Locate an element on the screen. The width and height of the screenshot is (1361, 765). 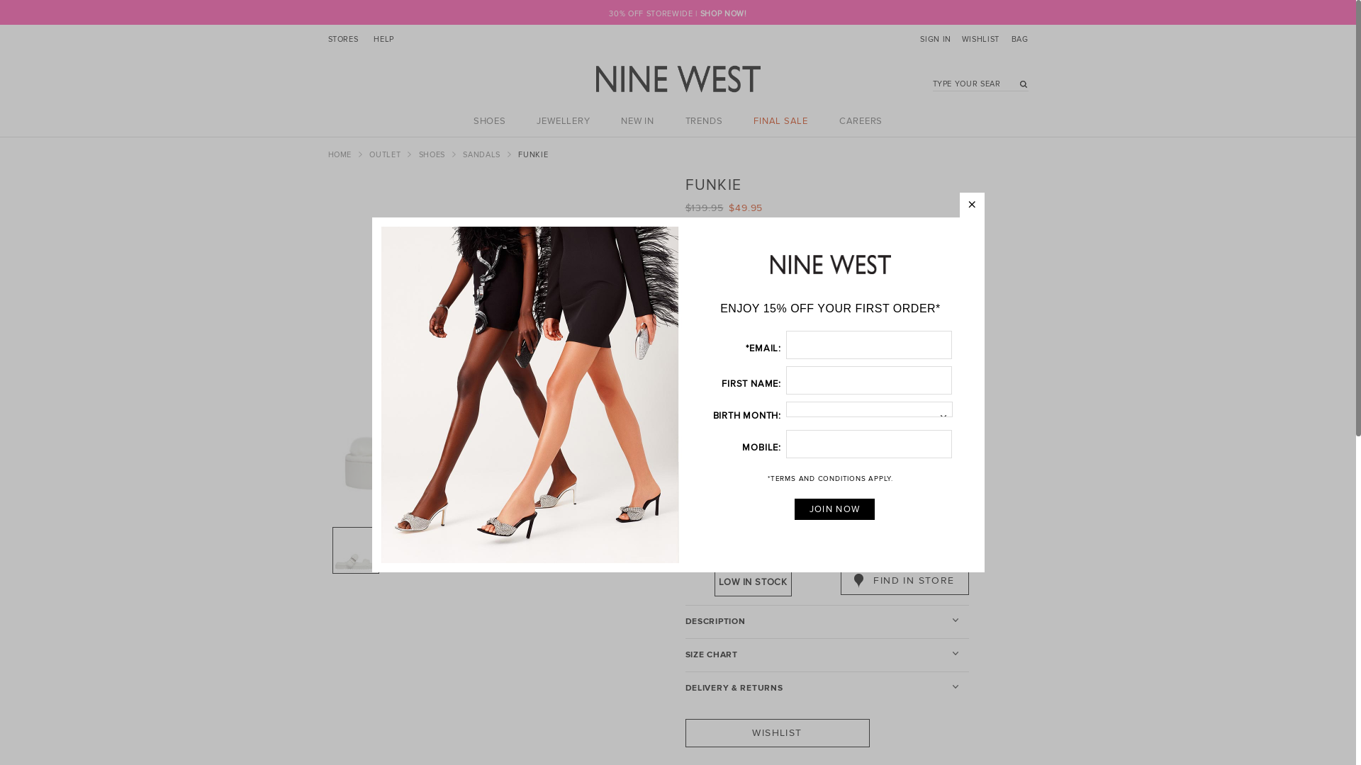
'Nine West Australia' is located at coordinates (595, 79).